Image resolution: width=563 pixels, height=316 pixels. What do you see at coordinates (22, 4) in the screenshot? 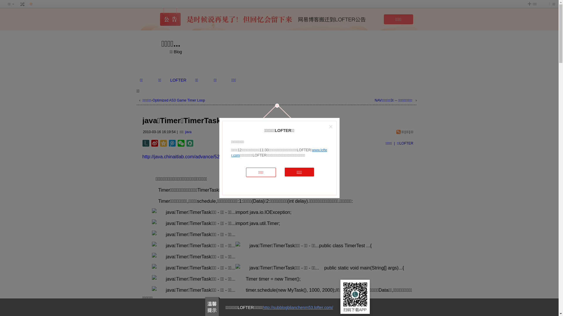
I see `' '` at bounding box center [22, 4].